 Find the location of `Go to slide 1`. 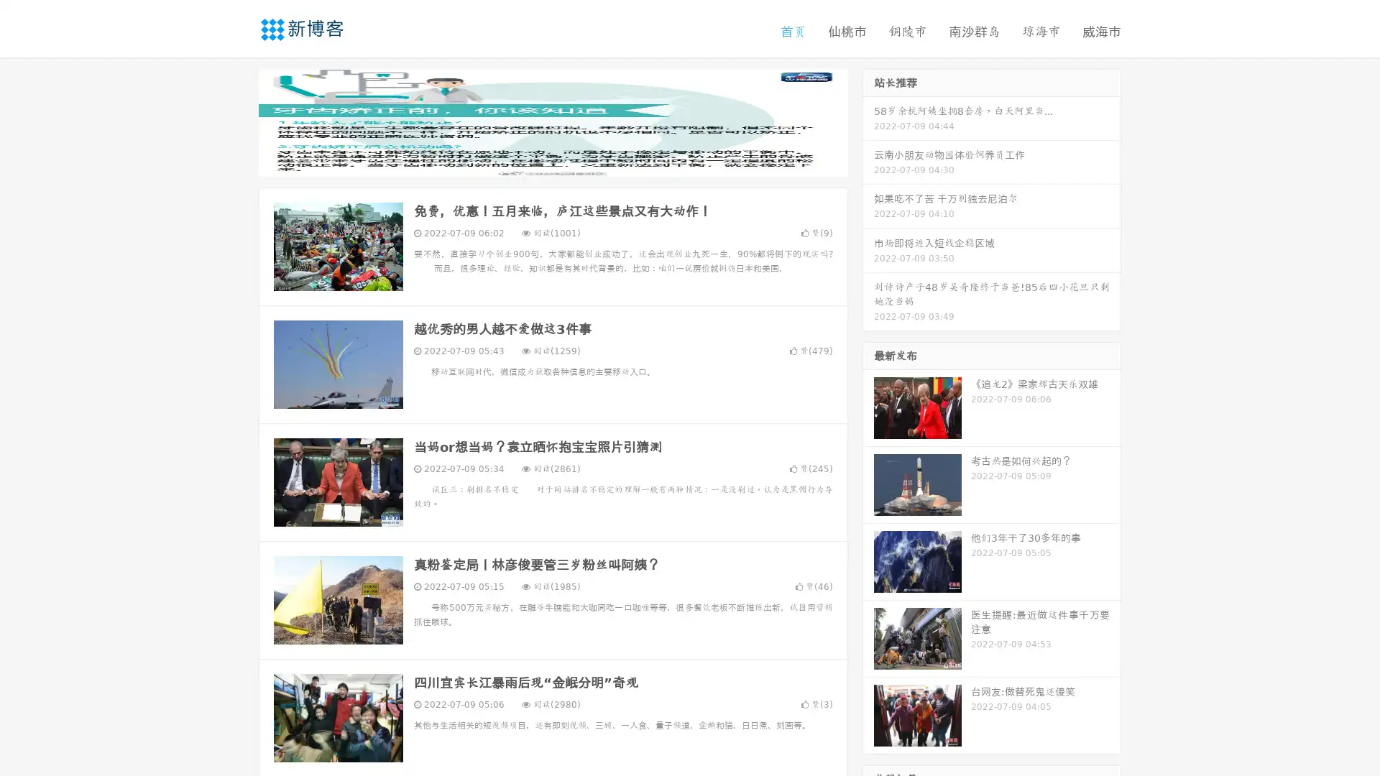

Go to slide 1 is located at coordinates (538, 162).